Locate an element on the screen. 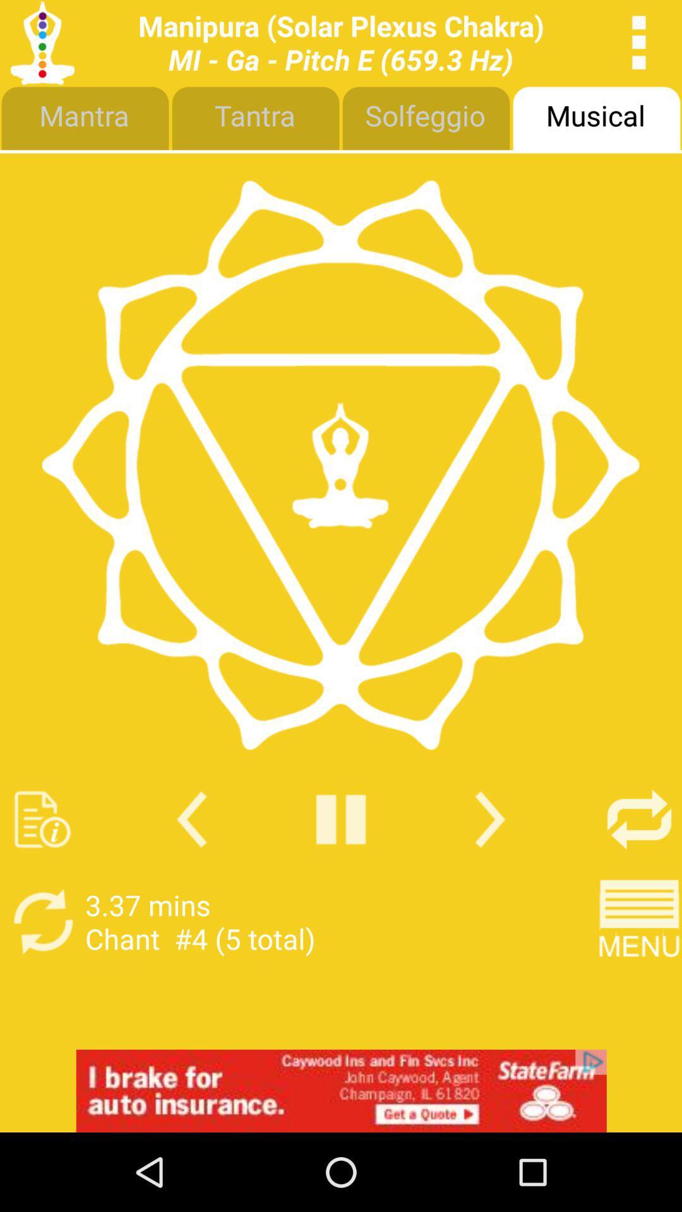 The height and width of the screenshot is (1212, 682). the refresh icon is located at coordinates (42, 985).